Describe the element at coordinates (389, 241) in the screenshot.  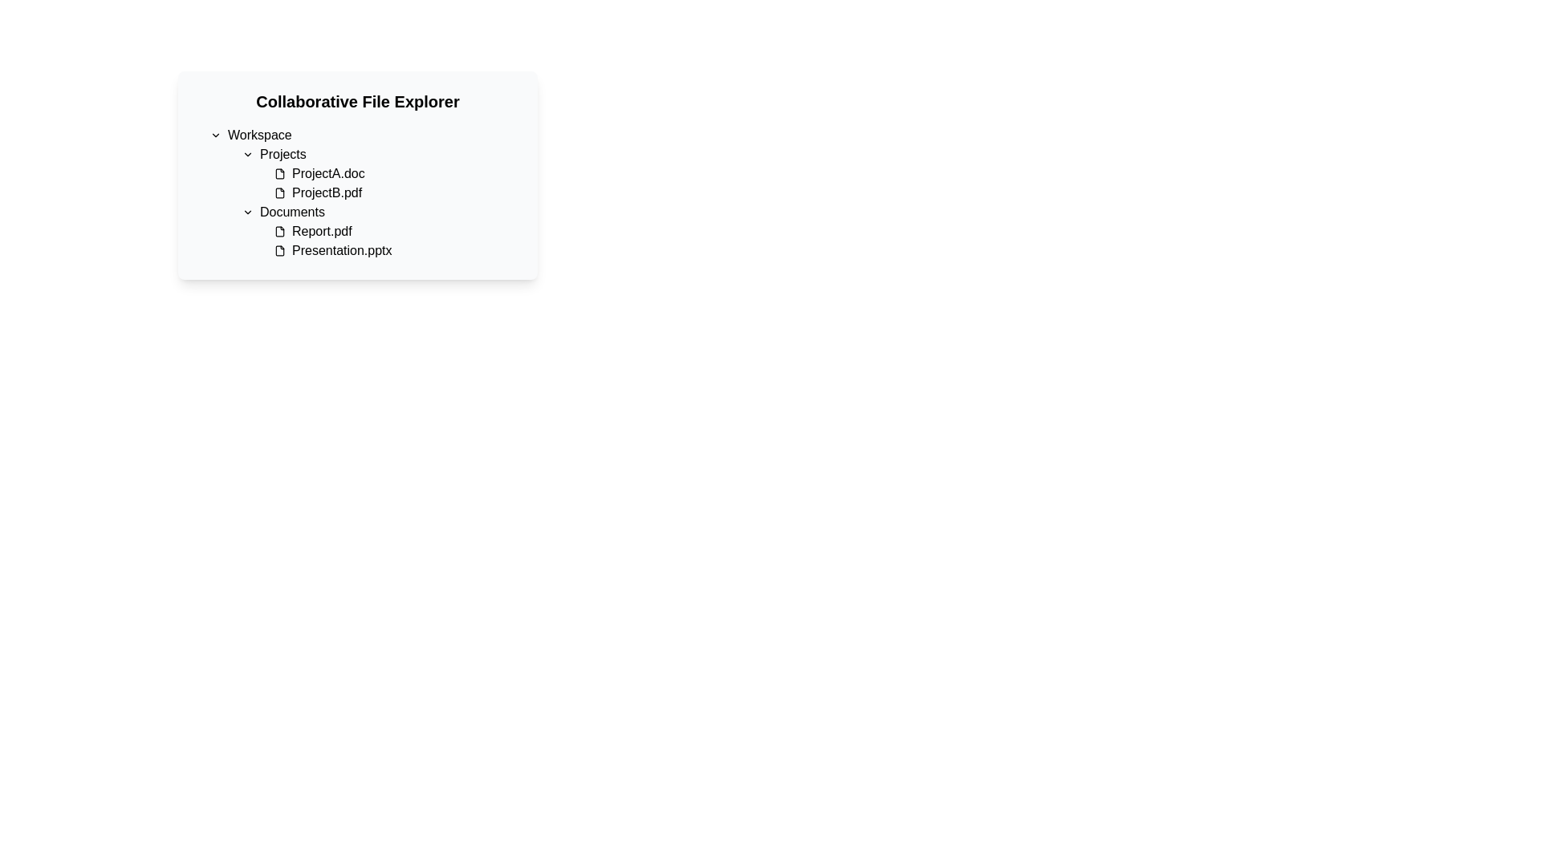
I see `the list item containing 'Report.pdf' and 'Presentation.pptx' under the 'Documents' header in the file explorer interface` at that location.